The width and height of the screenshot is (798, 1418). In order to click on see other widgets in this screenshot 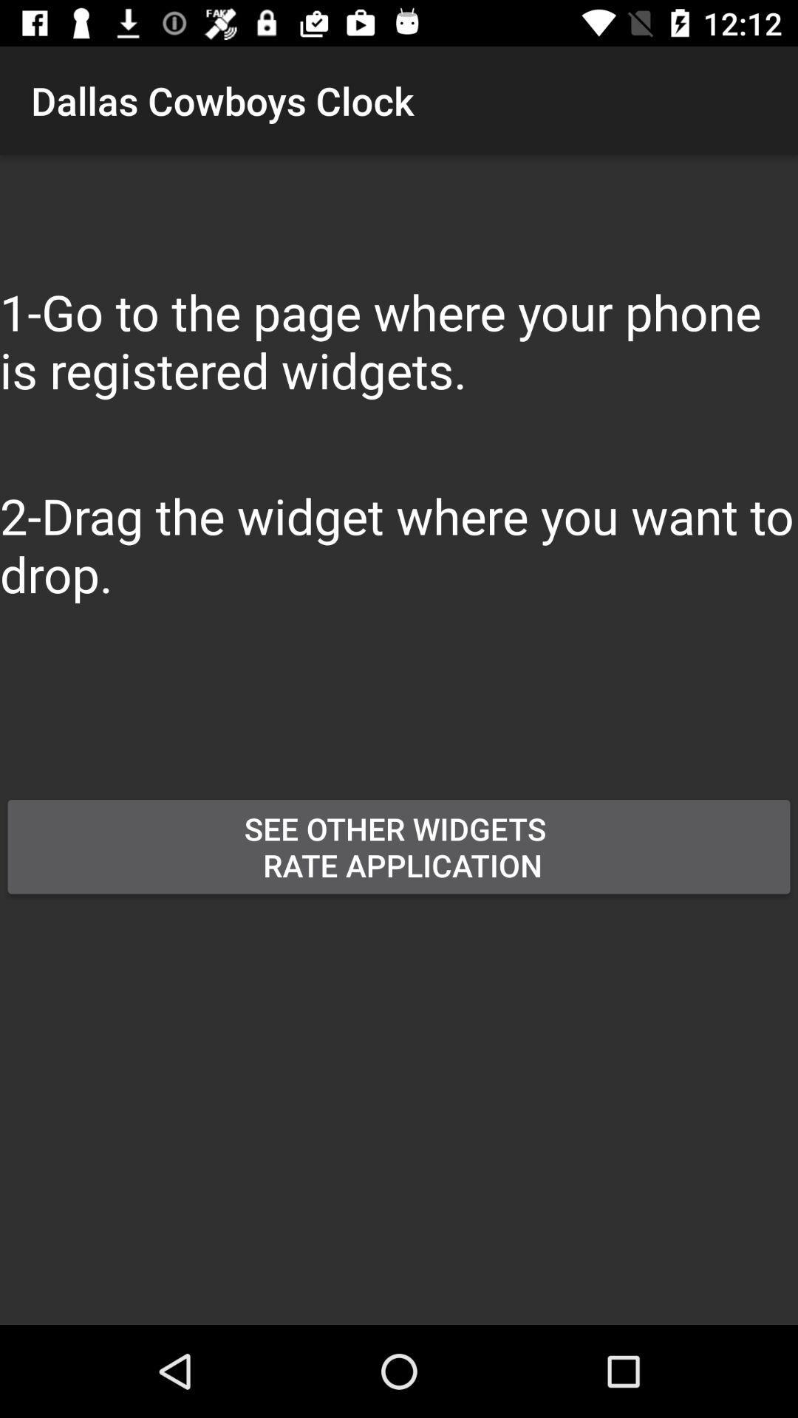, I will do `click(399, 846)`.